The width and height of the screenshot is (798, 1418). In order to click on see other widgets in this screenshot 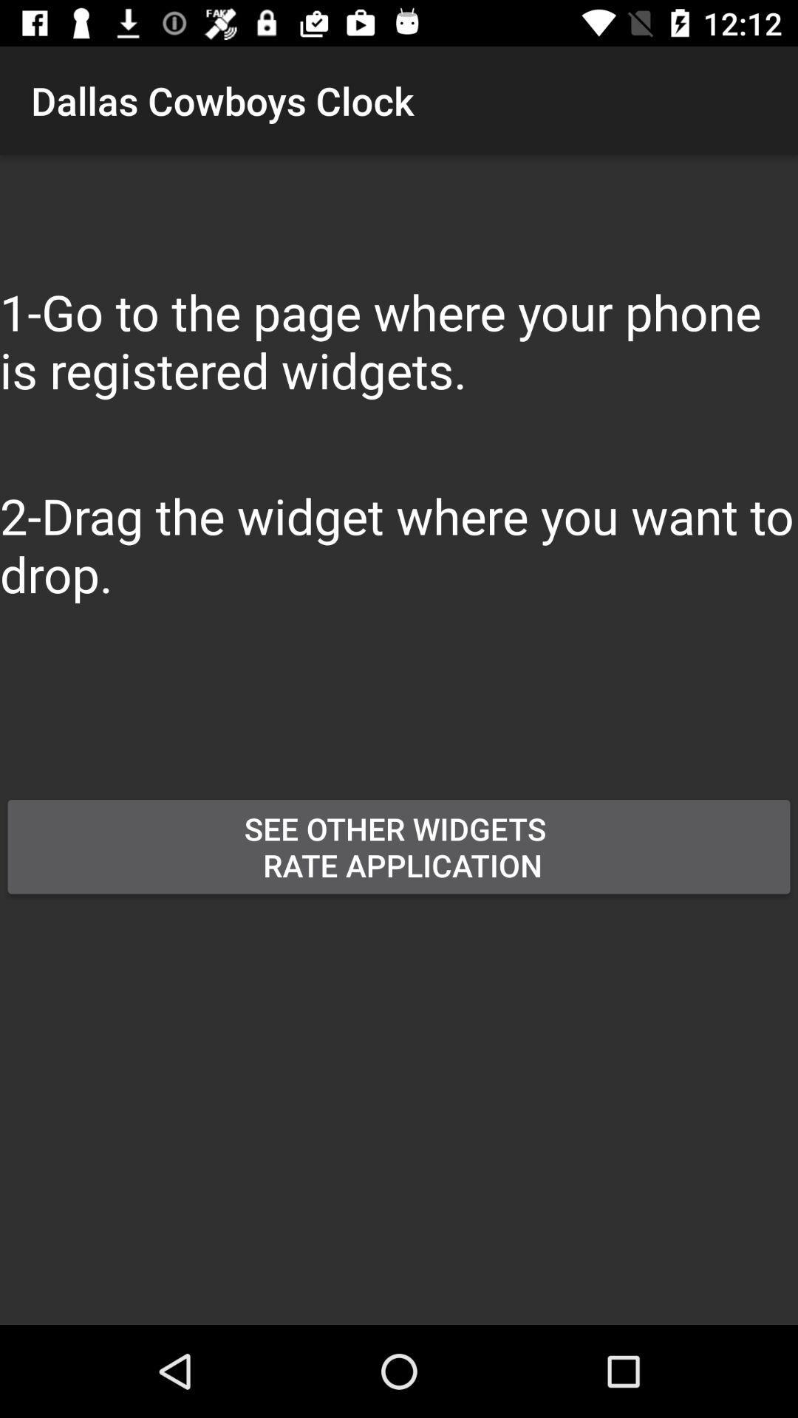, I will do `click(399, 846)`.